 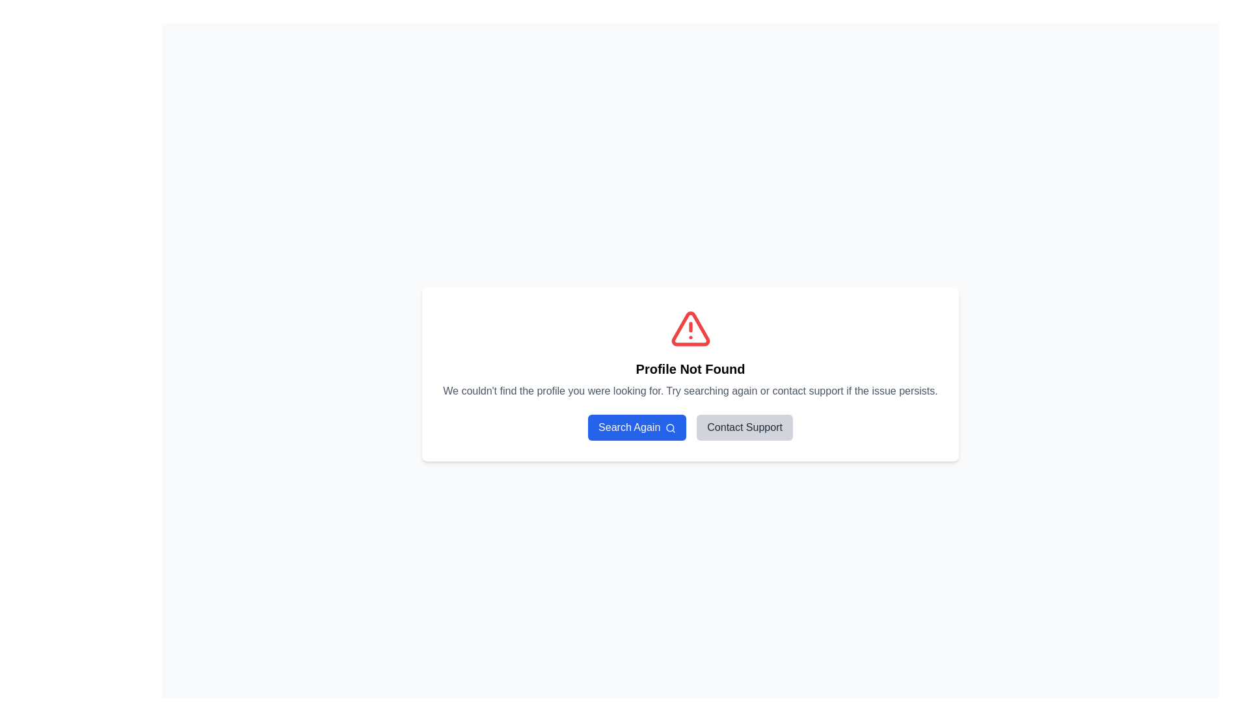 I want to click on the Decorative SVG Circle Component which is part of the search icon, located at the lens area of the magnifying glass, so click(x=670, y=428).